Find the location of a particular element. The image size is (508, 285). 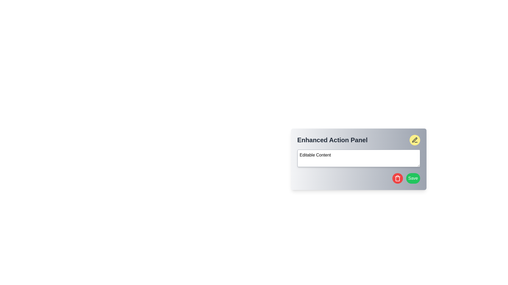

the circular yellow button with a black pen icon located at the top-right corner of the 'Enhanced Action Panel' is located at coordinates (414, 140).